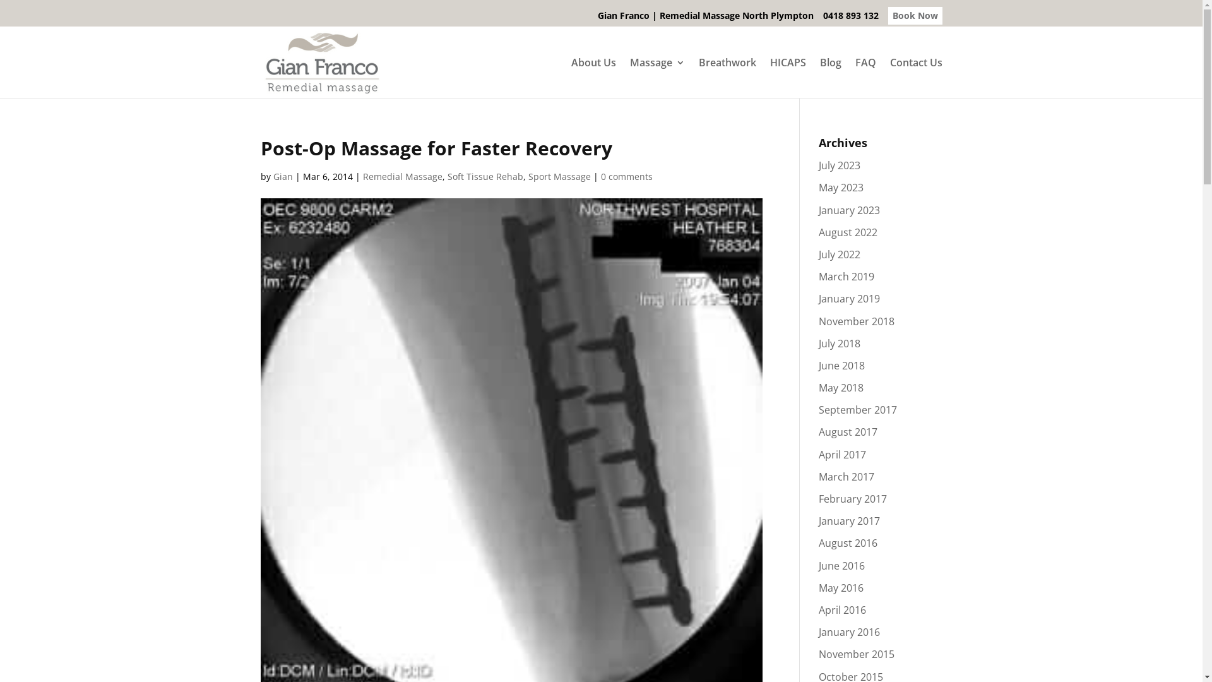 The image size is (1212, 682). Describe the element at coordinates (841, 587) in the screenshot. I see `'May 2016'` at that location.